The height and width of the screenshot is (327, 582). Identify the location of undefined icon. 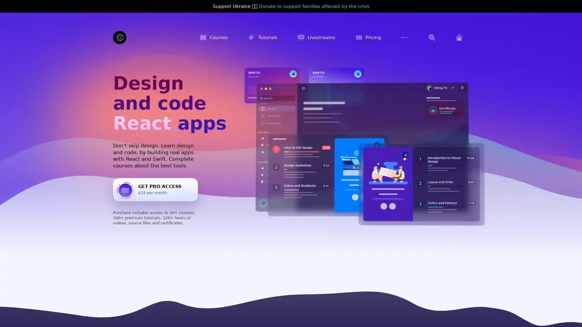
(404, 37).